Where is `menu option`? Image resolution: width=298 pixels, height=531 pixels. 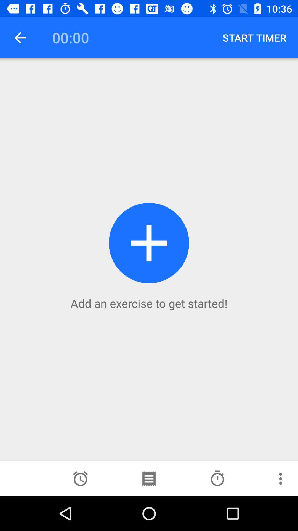
menu option is located at coordinates (281, 478).